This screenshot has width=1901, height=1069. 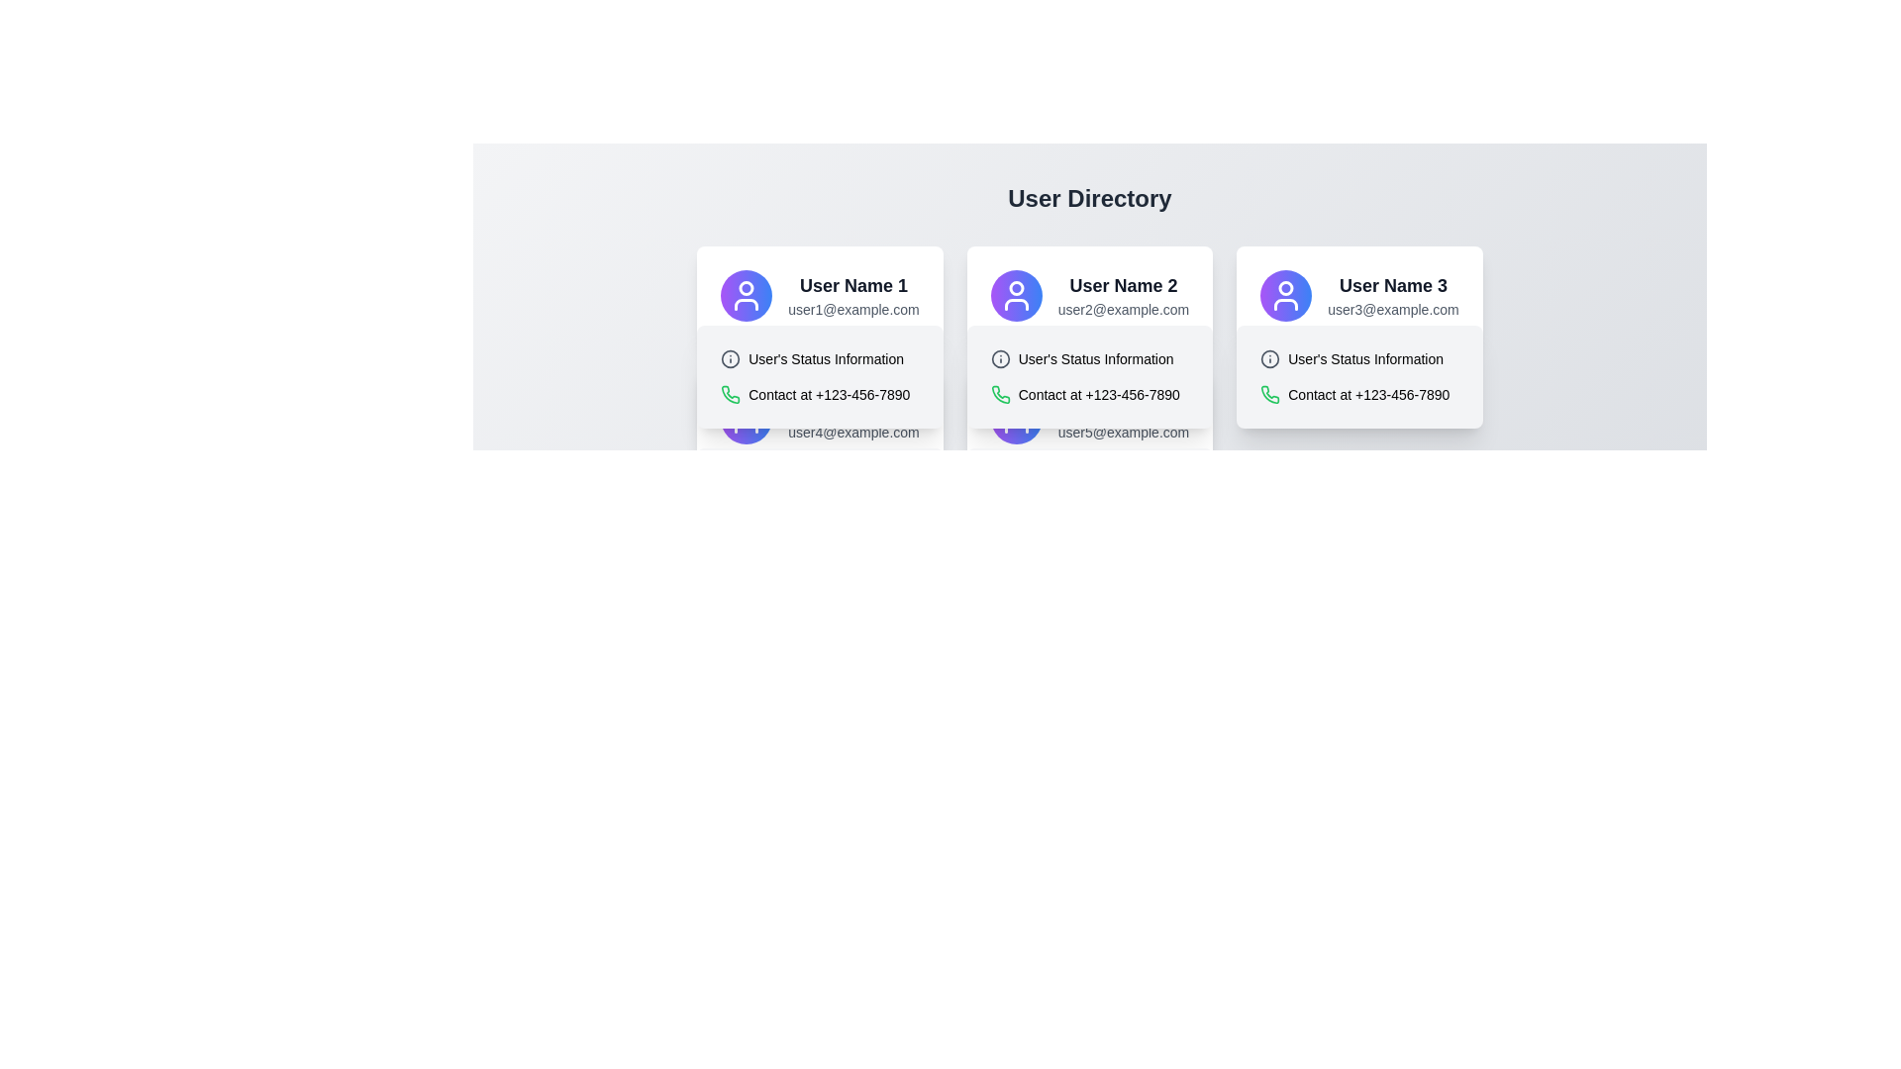 What do you see at coordinates (1000, 358) in the screenshot?
I see `the circular graphical element that is part of the information icon next to the text 'User's Status Information' in the second user's card` at bounding box center [1000, 358].